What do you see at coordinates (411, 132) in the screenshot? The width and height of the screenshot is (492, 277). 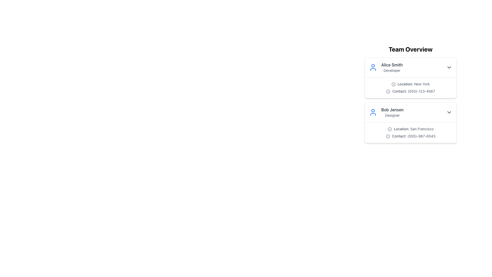 I see `the Informational Text Block containing the details 'Location: San Francisco' and 'Contact: (555)-987-6543', styled with light gray text within a rounded white card under the 'Bob Jensen' section` at bounding box center [411, 132].